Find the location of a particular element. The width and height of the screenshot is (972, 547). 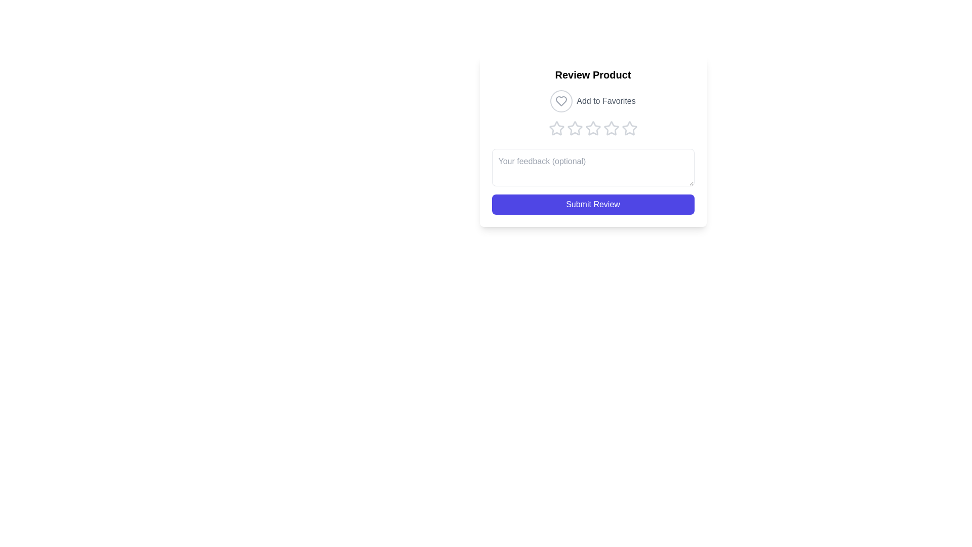

the second star-shaped icon in the rating widget to rate it two stars, which is outlined and hollow in light gray color is located at coordinates (575, 128).